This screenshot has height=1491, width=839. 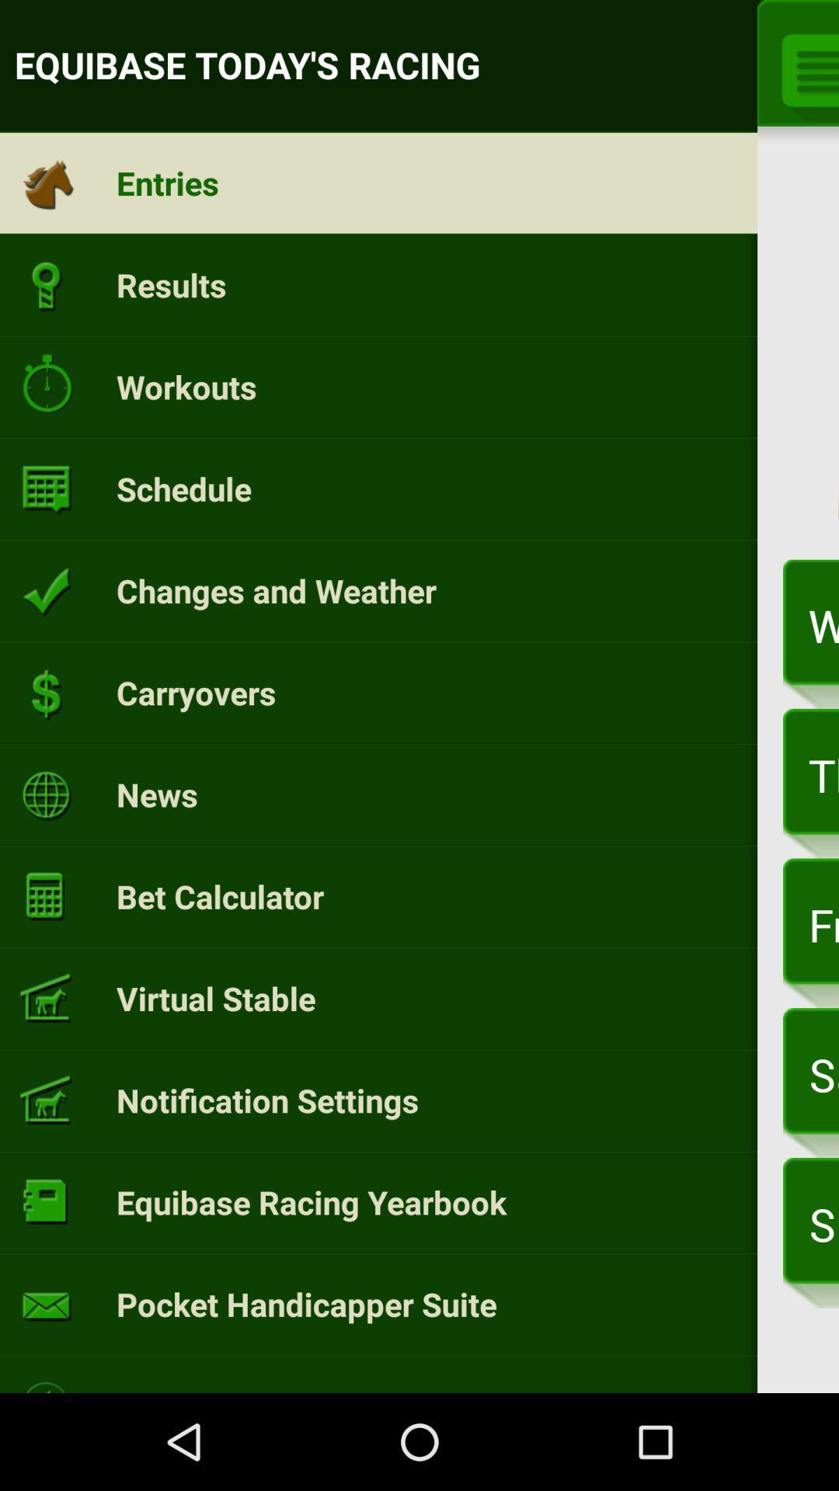 What do you see at coordinates (804, 67) in the screenshot?
I see `it provides the submenu` at bounding box center [804, 67].